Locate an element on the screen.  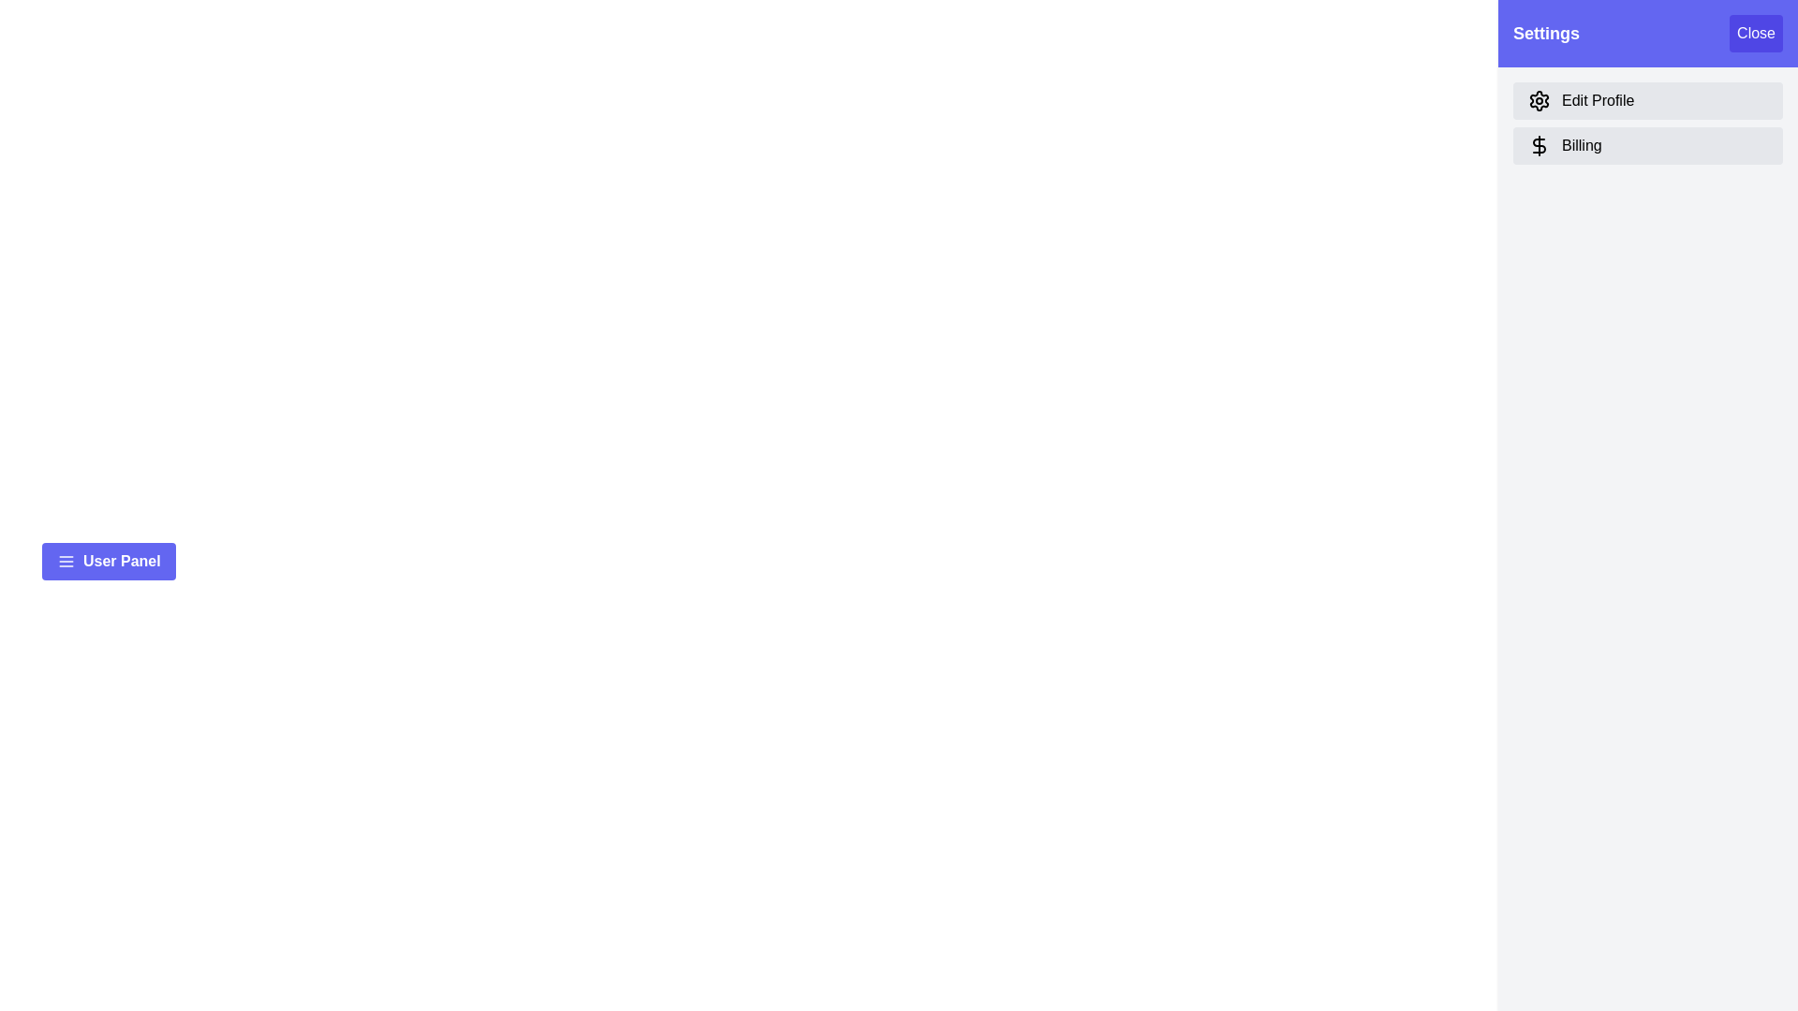
the 'Edit Profile' button is located at coordinates (1648, 101).